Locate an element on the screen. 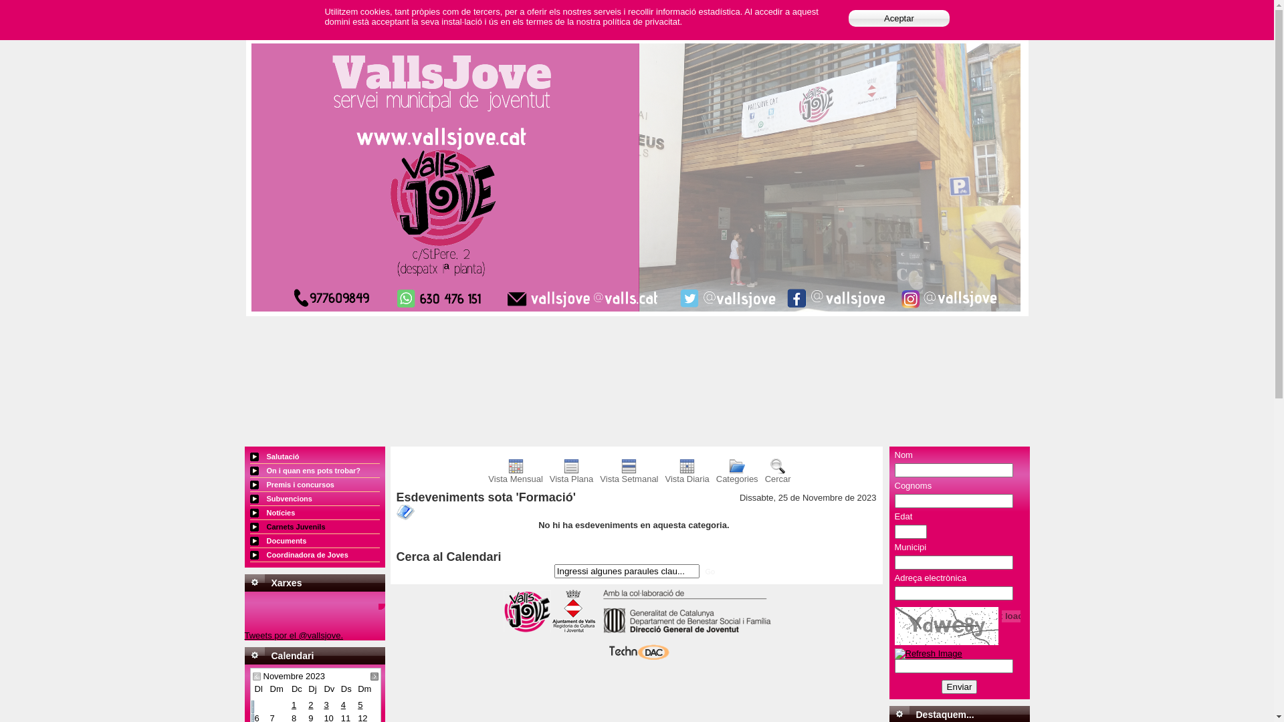  'Enviar' is located at coordinates (959, 687).